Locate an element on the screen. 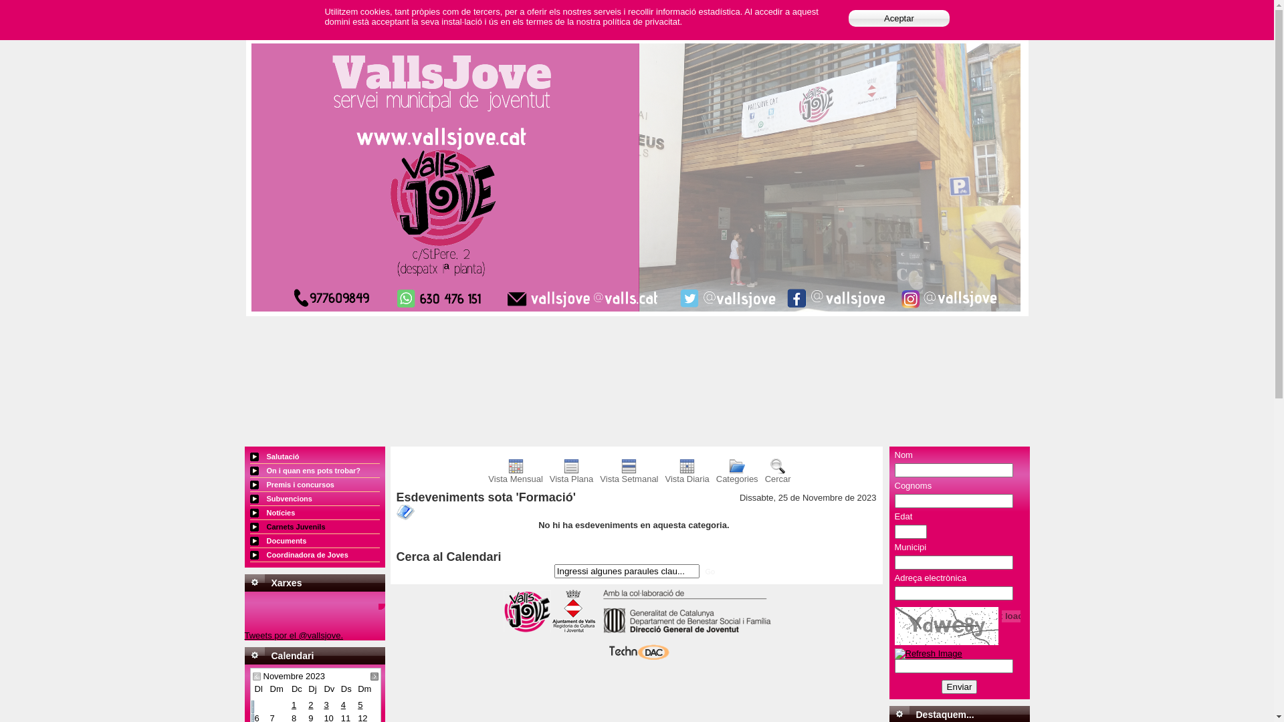  'Enviar' is located at coordinates (959, 687).